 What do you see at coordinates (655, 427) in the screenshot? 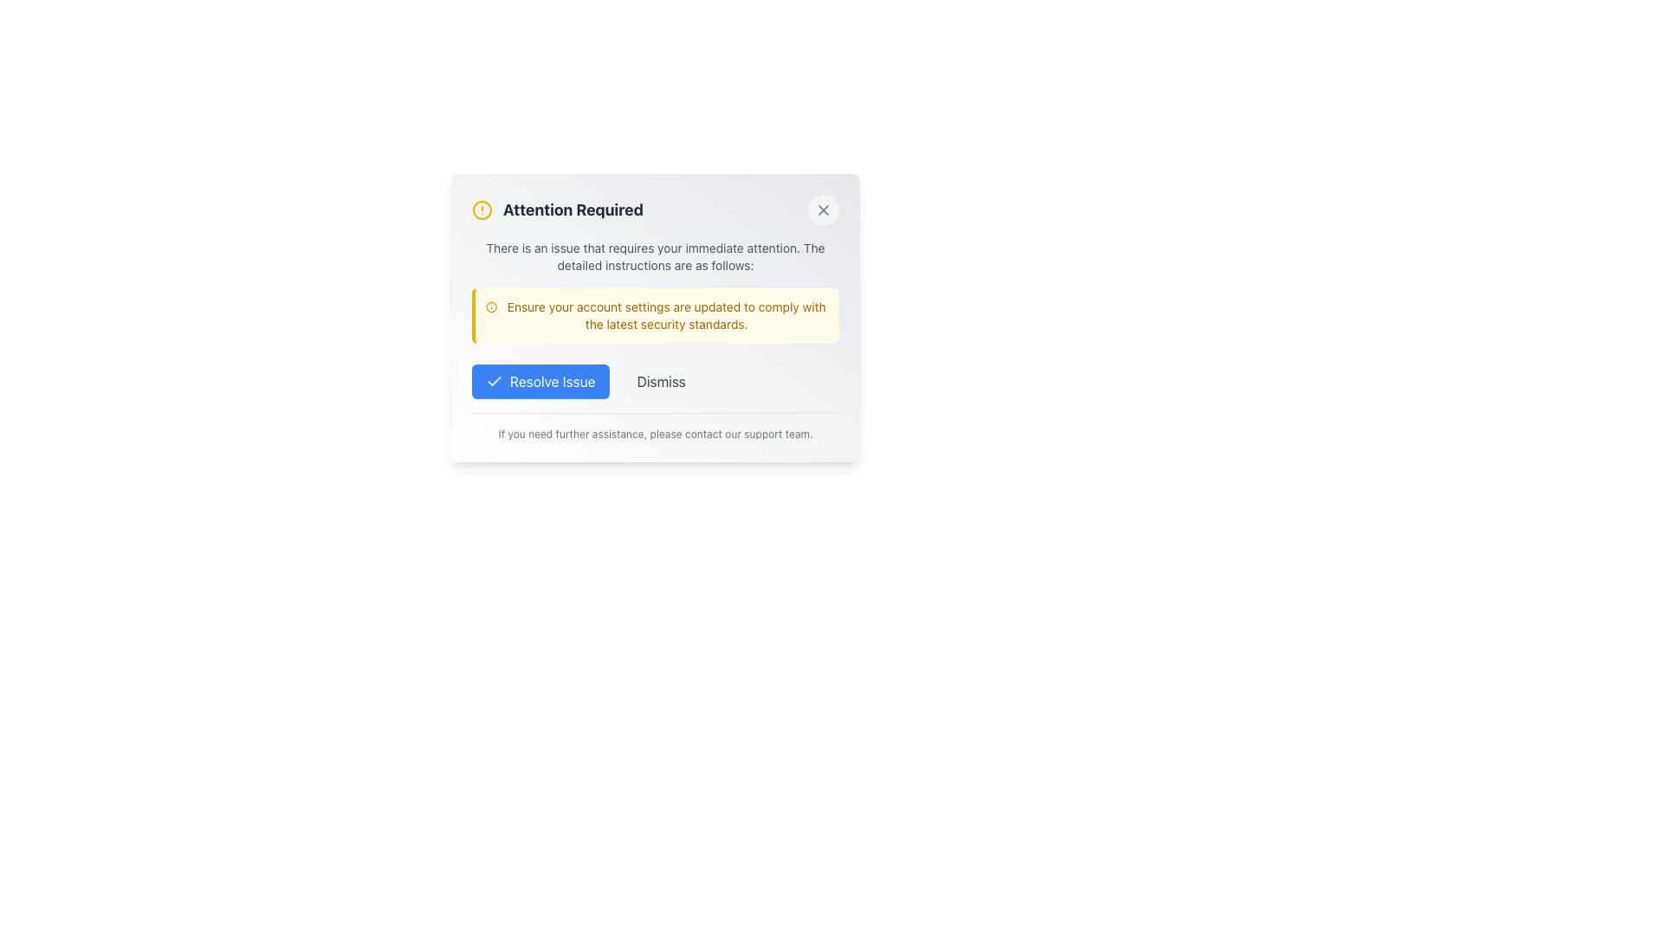
I see `the supportive information text located at the bottom of the notification card, below the action buttons 'Resolve Issue' and 'Dismiss'` at bounding box center [655, 427].